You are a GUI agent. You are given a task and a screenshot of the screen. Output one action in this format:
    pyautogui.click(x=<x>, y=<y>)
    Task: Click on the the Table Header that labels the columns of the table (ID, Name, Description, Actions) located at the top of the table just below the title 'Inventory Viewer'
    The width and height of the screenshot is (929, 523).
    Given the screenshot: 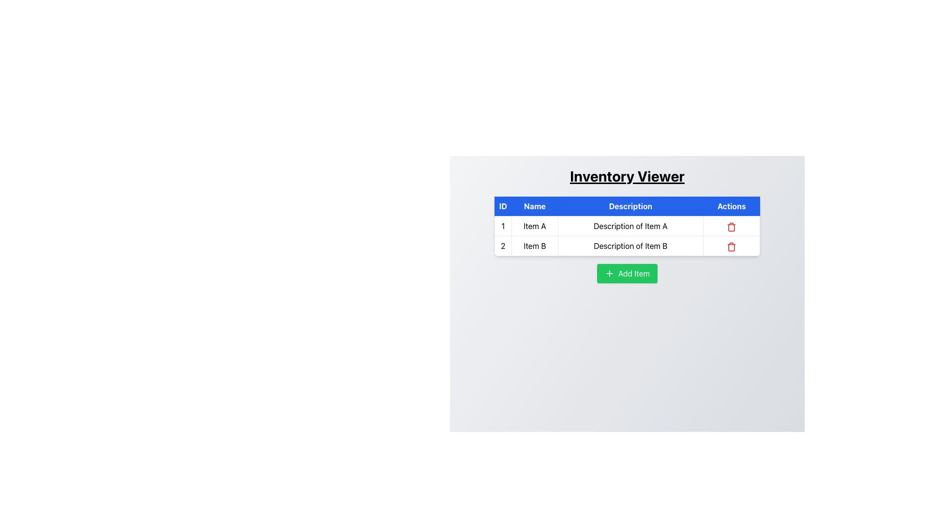 What is the action you would take?
    pyautogui.click(x=627, y=206)
    